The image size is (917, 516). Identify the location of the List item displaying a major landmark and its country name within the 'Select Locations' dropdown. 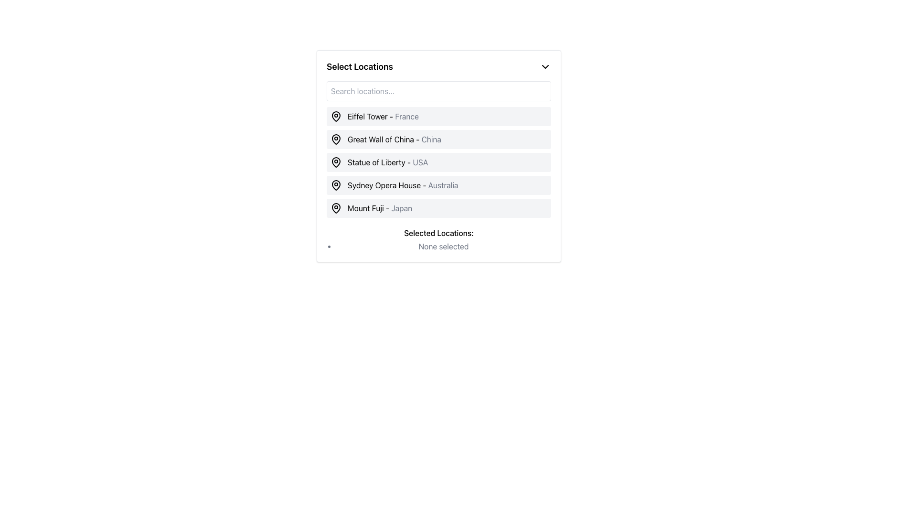
(438, 166).